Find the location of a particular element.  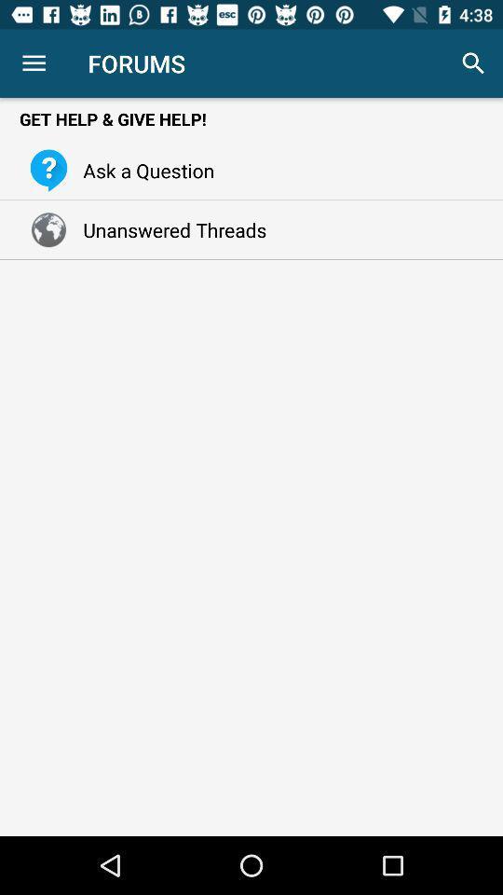

the icon above the get help give item is located at coordinates (473, 63).